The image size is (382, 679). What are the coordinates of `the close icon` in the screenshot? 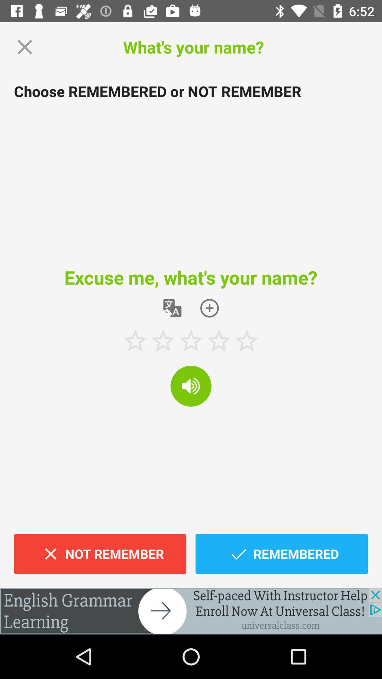 It's located at (24, 47).